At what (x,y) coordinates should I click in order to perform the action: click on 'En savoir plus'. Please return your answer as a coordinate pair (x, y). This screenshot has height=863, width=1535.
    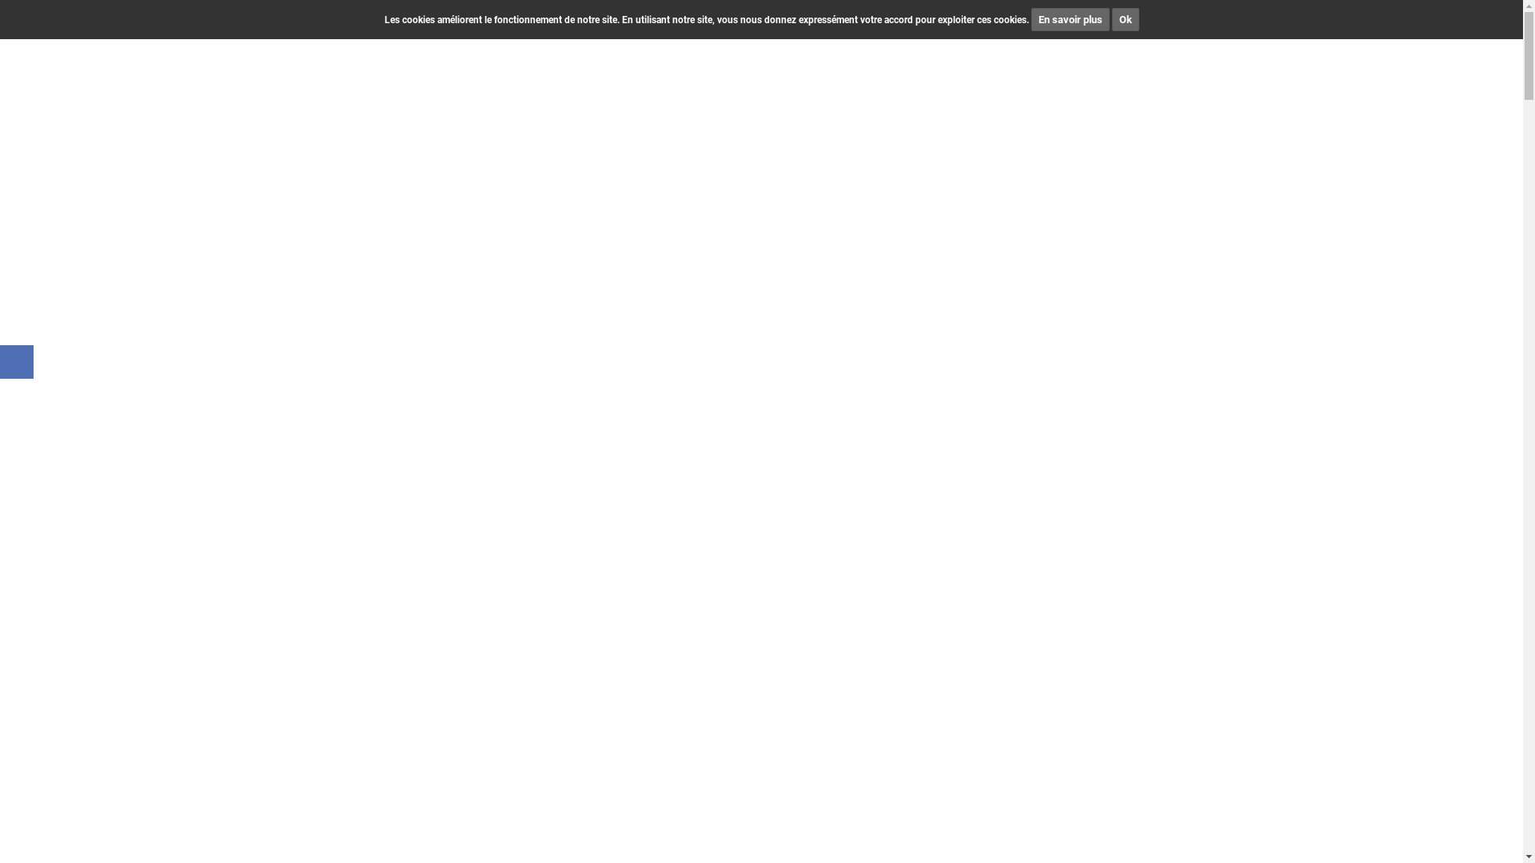
    Looking at the image, I should click on (1071, 19).